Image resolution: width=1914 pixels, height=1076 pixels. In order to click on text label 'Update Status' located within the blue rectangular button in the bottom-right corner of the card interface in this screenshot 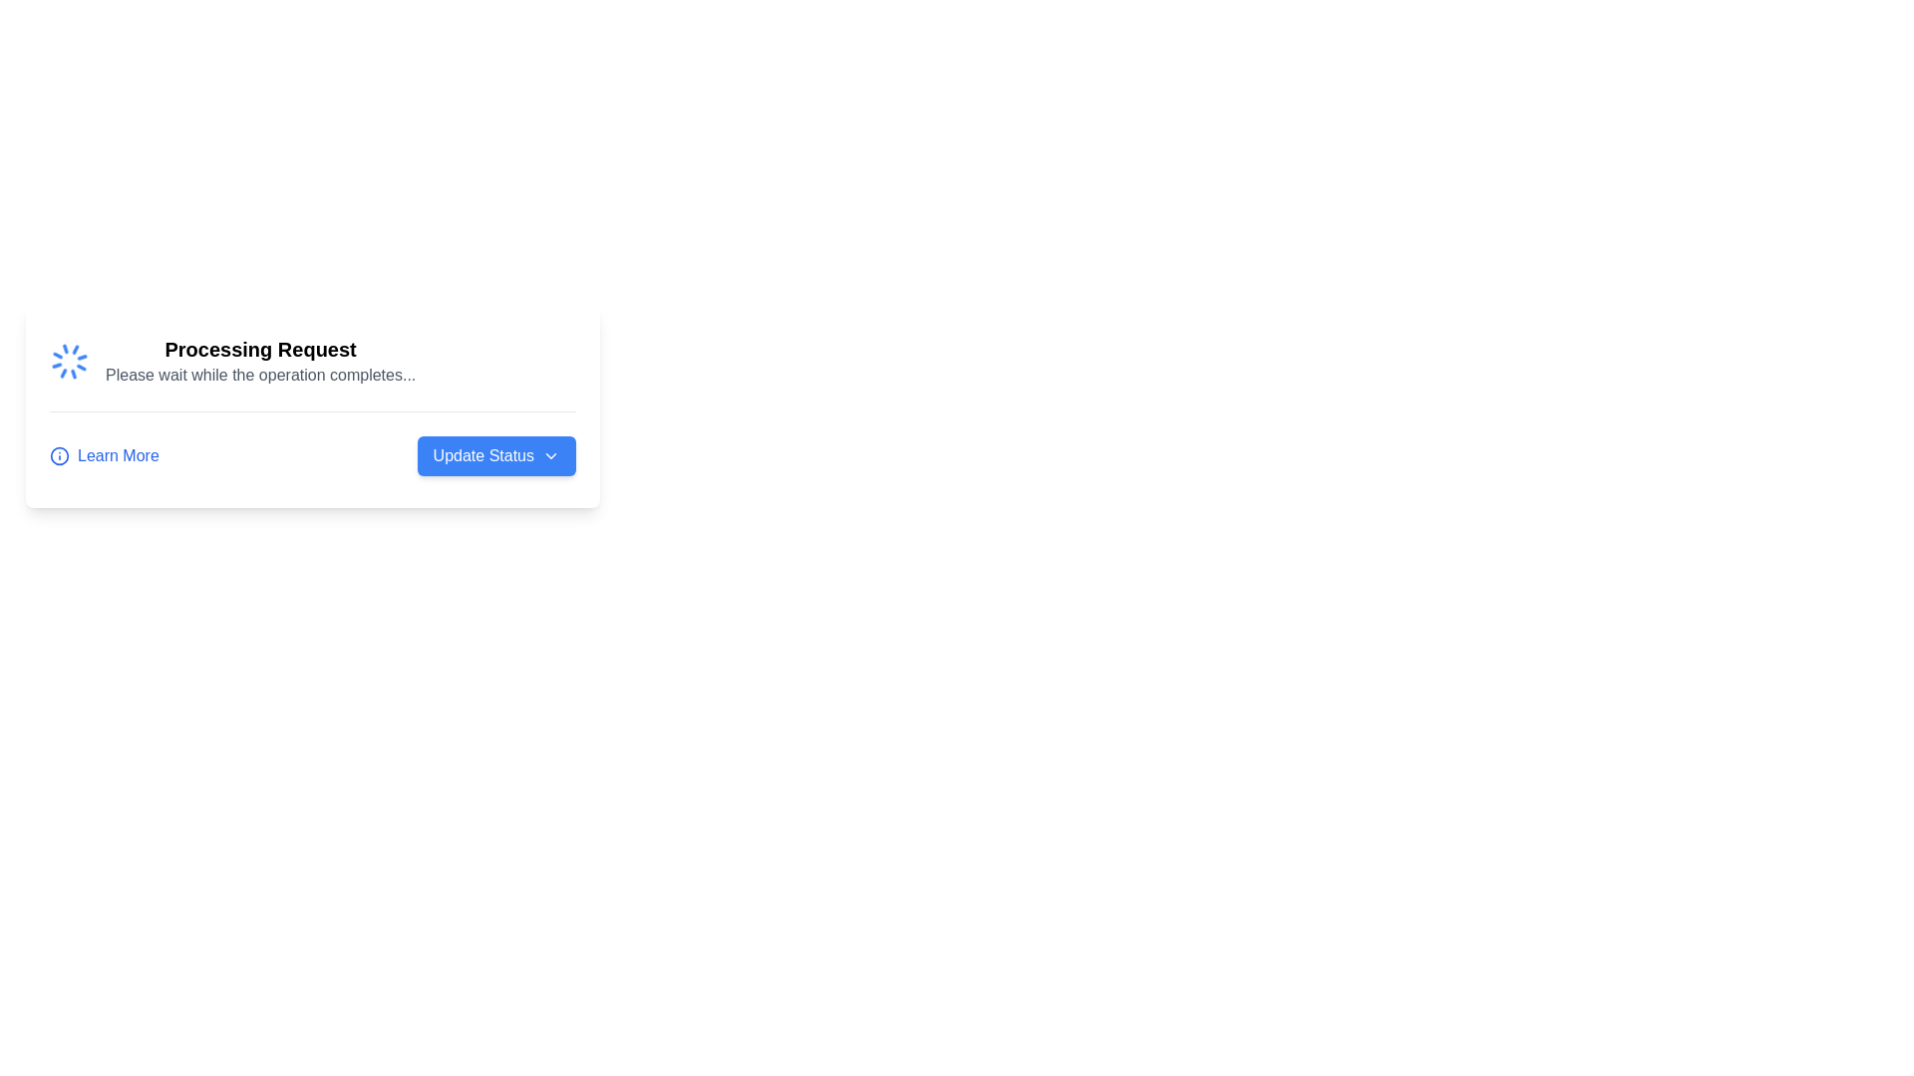, I will do `click(483, 456)`.